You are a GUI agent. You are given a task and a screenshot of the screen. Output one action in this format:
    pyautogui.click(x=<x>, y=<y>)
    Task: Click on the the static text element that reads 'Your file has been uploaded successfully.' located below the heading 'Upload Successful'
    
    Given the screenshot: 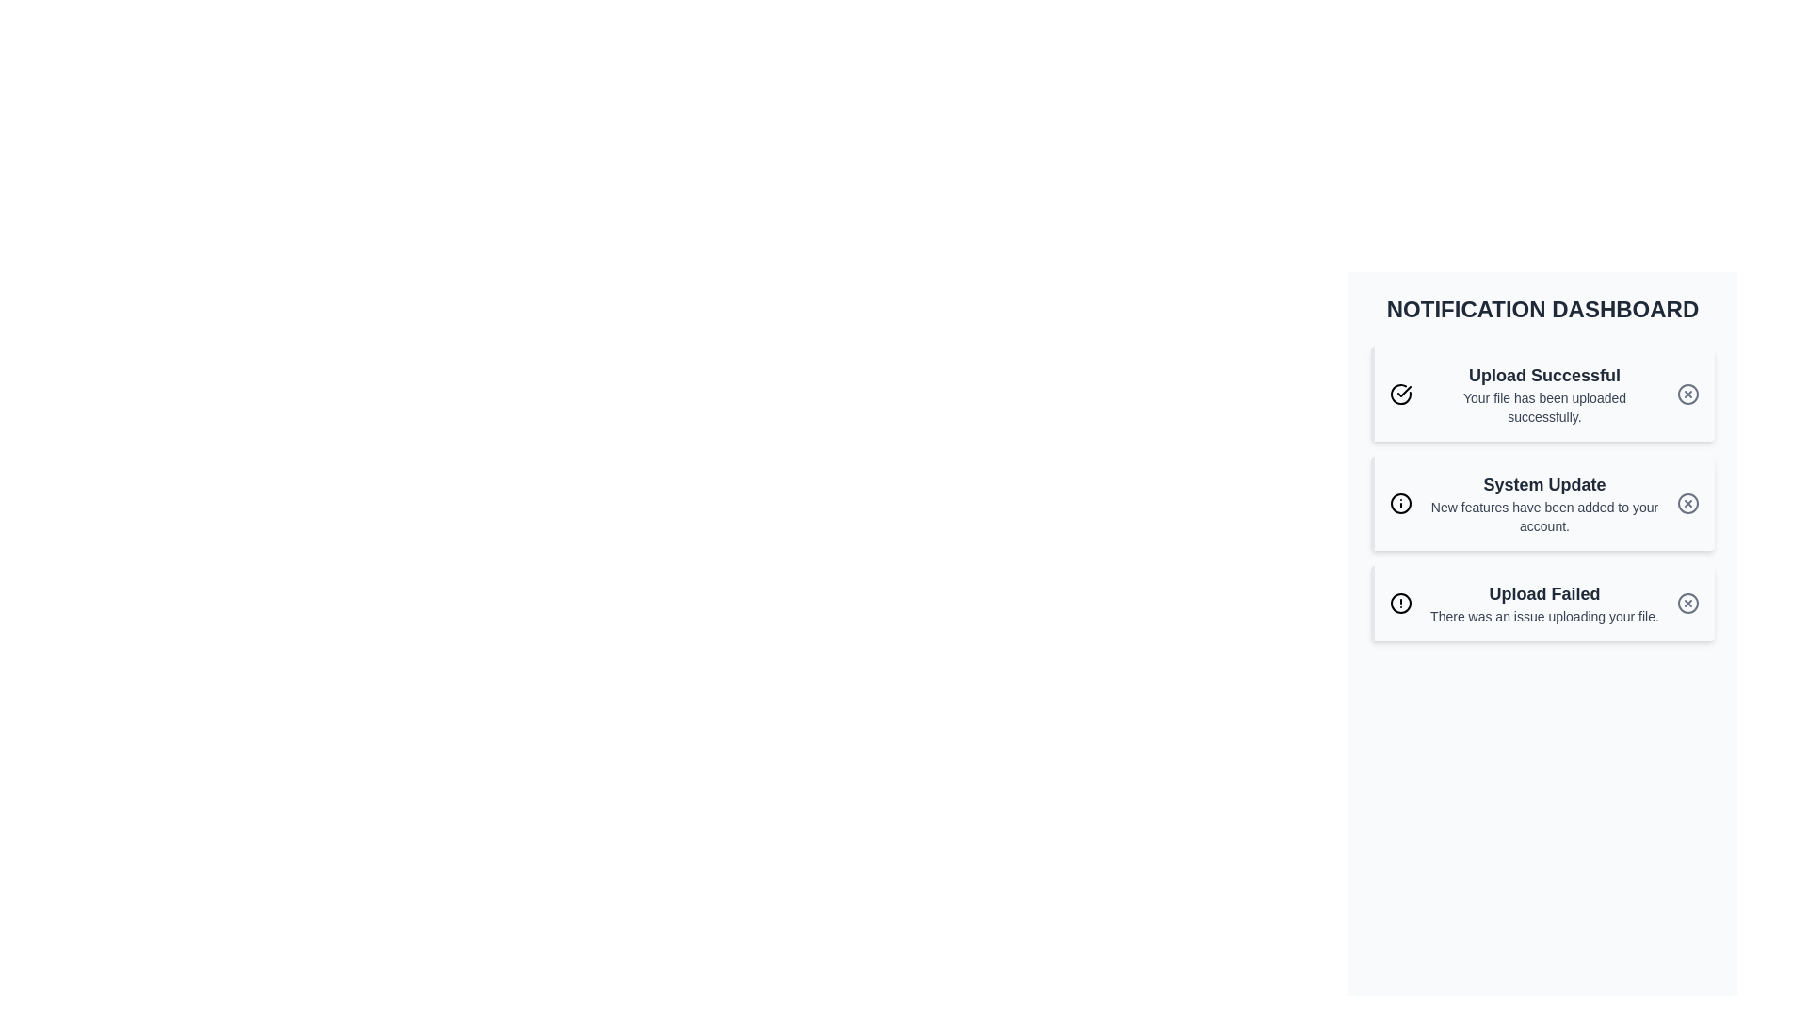 What is the action you would take?
    pyautogui.click(x=1544, y=406)
    